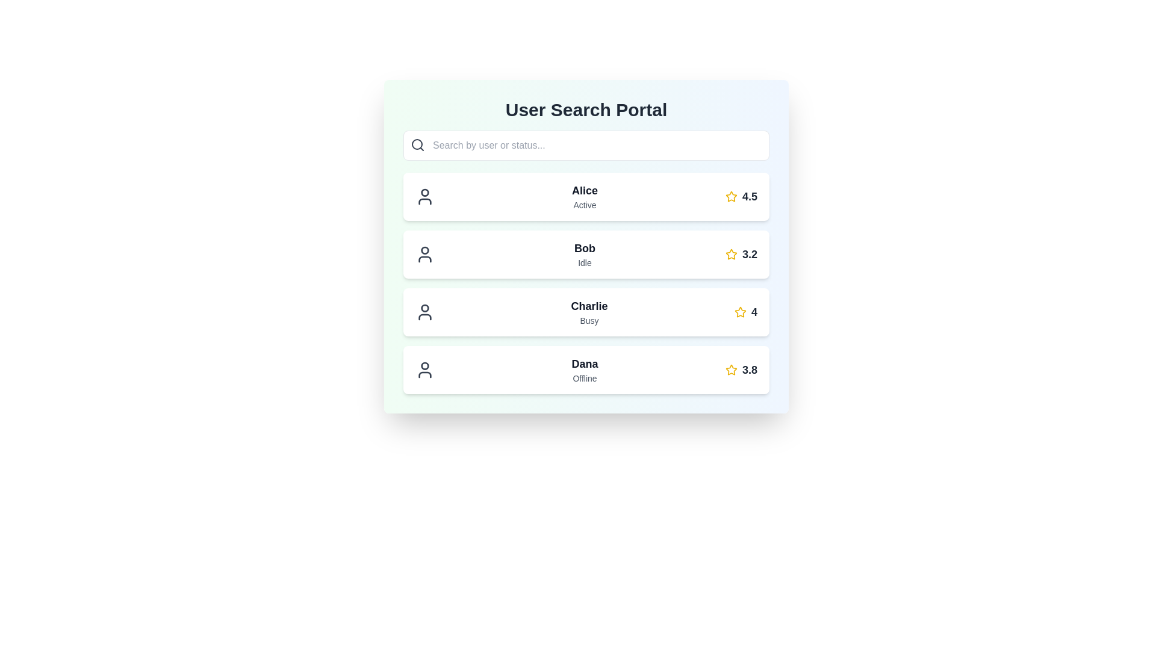 Image resolution: width=1156 pixels, height=650 pixels. I want to click on the profile icon representing 'Charlie' with the status 'Busy', located in the third entry of the user profile list, so click(424, 312).